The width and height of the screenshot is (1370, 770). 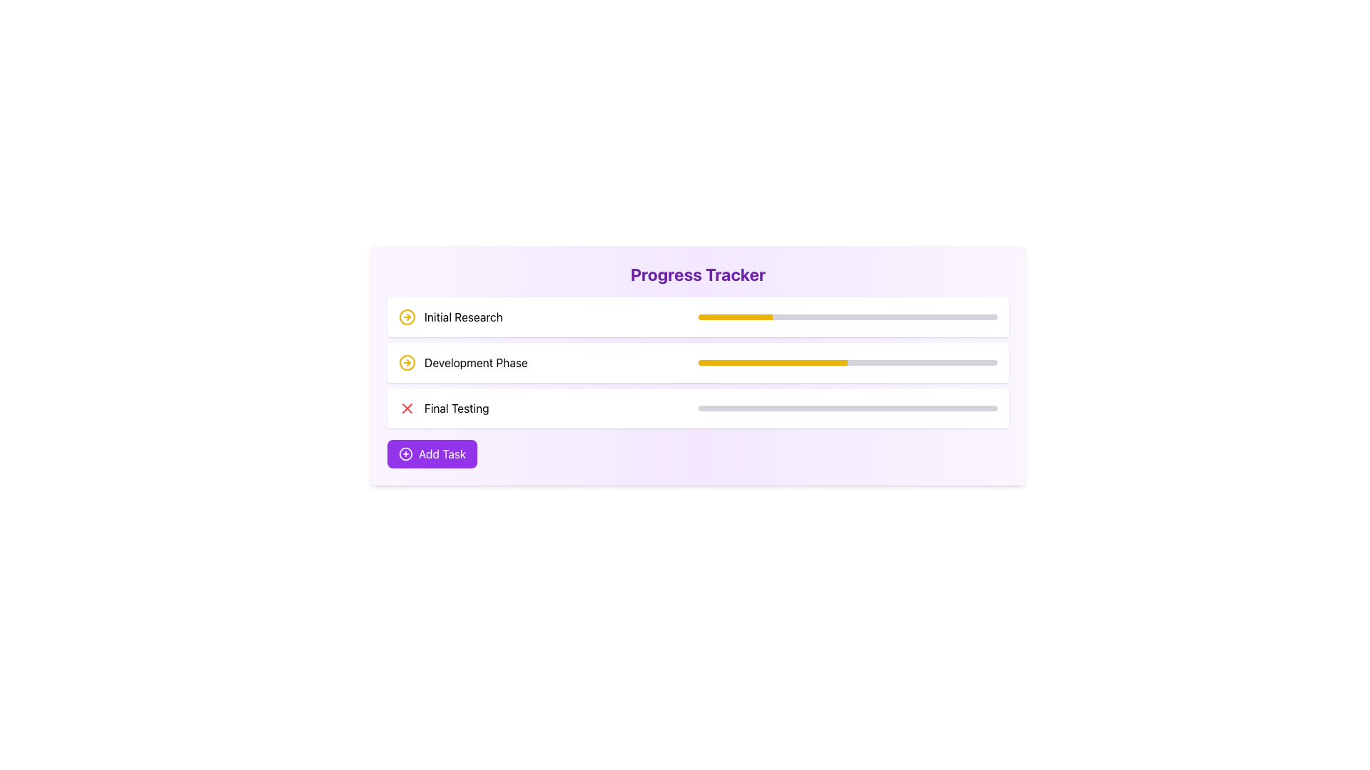 What do you see at coordinates (698, 316) in the screenshot?
I see `keyboard navigation` at bounding box center [698, 316].